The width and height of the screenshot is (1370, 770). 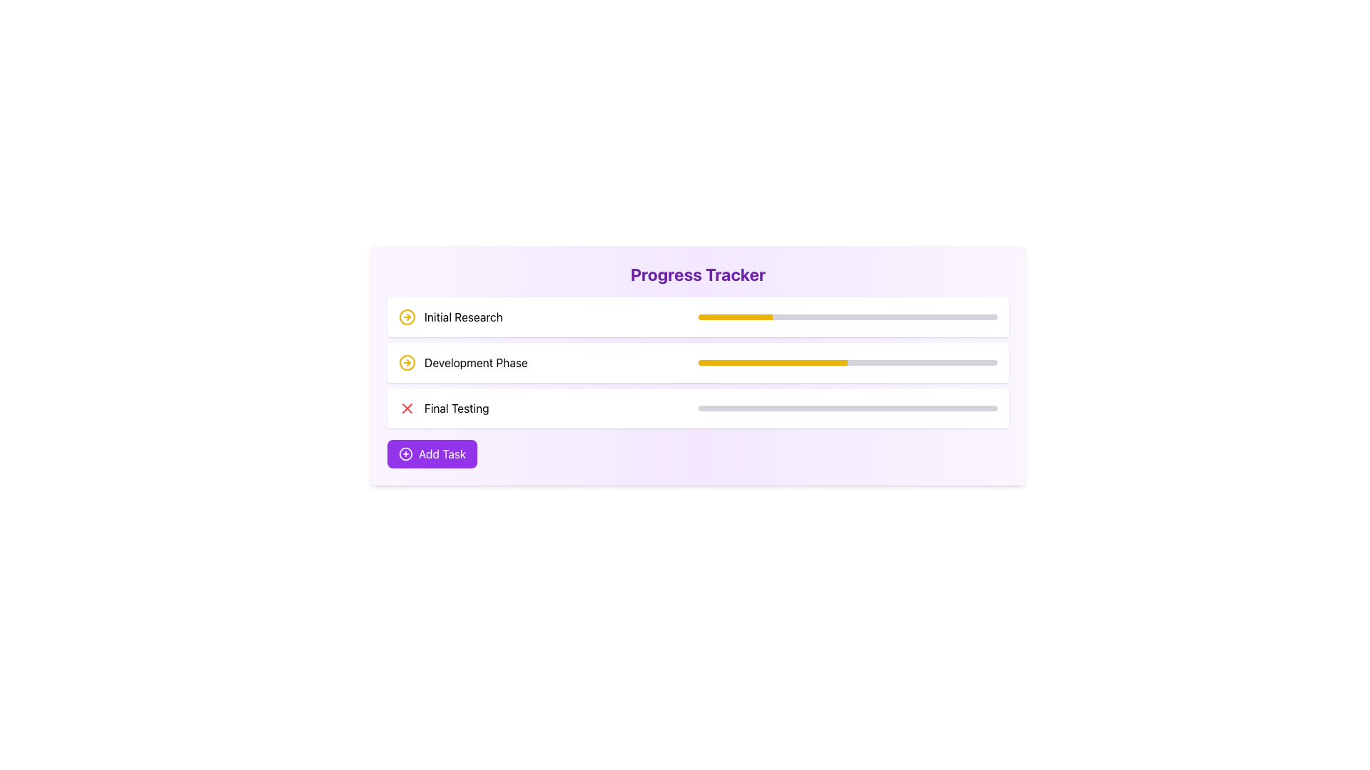 What do you see at coordinates (698, 316) in the screenshot?
I see `keyboard navigation` at bounding box center [698, 316].